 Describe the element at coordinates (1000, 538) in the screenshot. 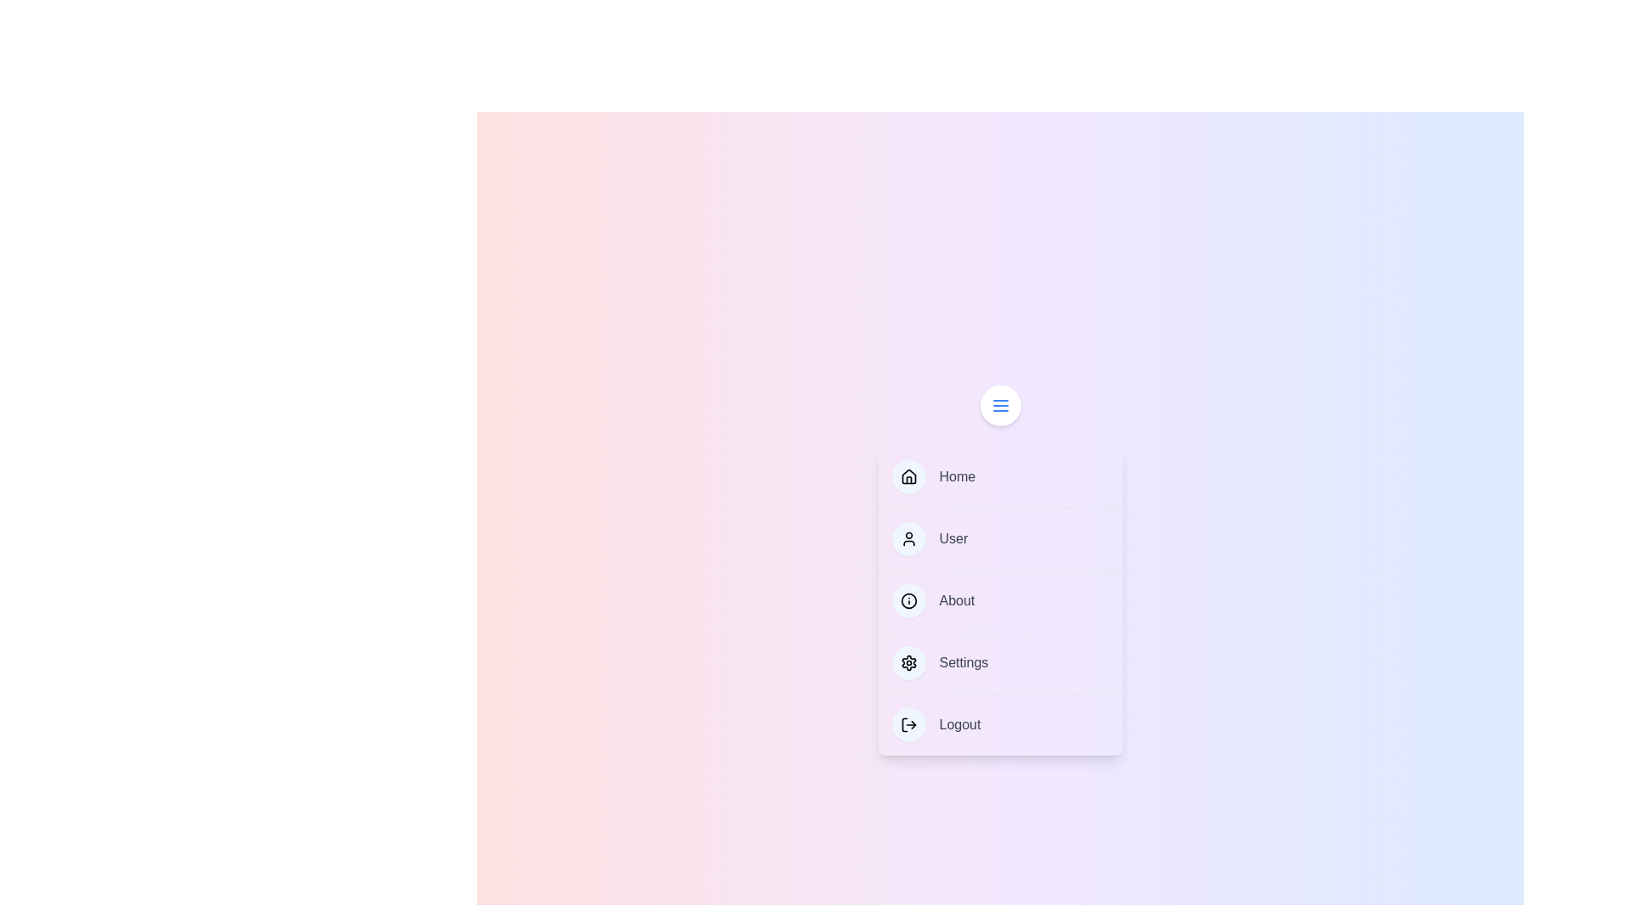

I see `the menu item labeled User` at that location.